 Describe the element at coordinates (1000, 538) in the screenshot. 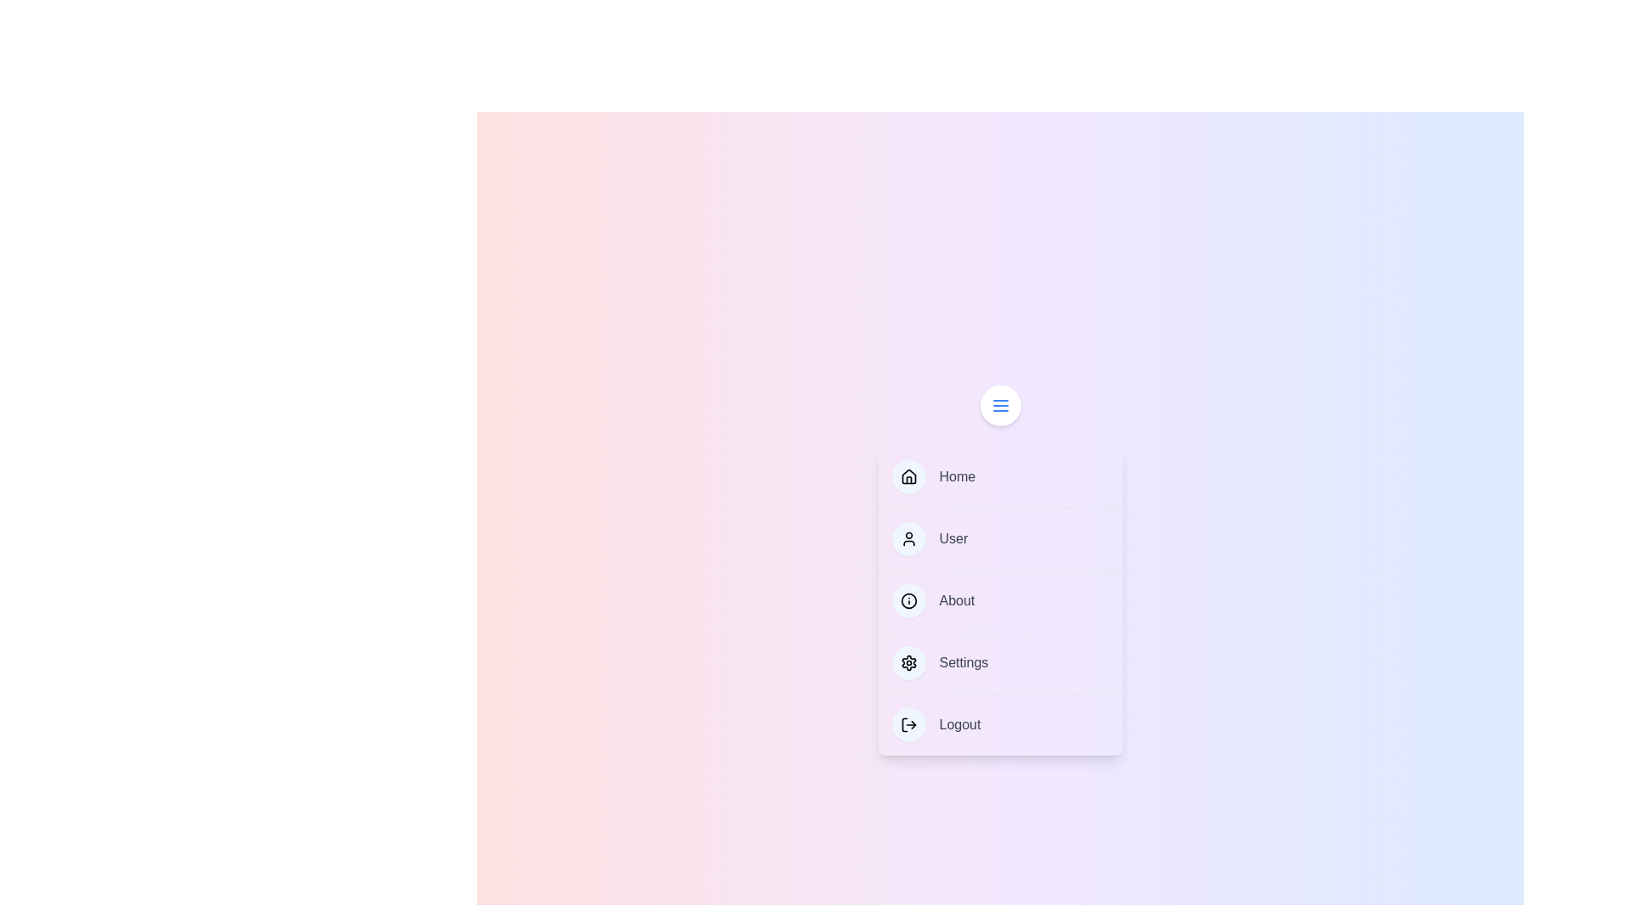

I see `the menu item labeled User` at that location.